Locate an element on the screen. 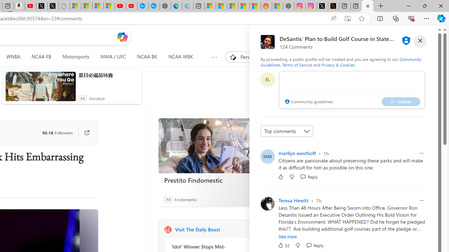 Image resolution: width=449 pixels, height=252 pixels. 'YouTube Kids - An App Created for Kids to Explore Content' is located at coordinates (132, 6).